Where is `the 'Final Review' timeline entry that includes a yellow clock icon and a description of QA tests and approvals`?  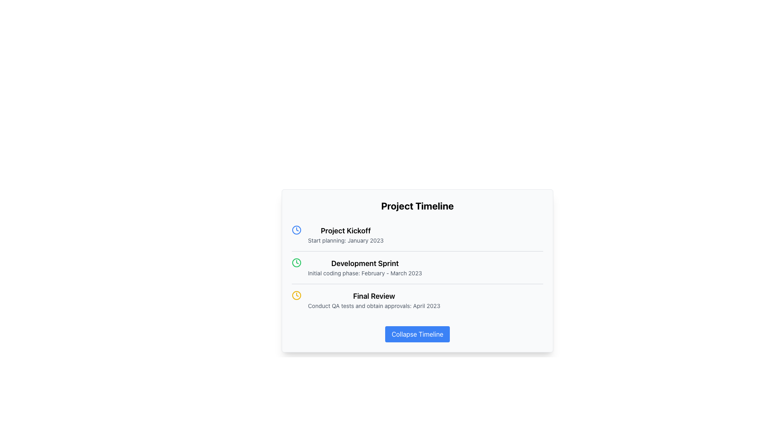 the 'Final Review' timeline entry that includes a yellow clock icon and a description of QA tests and approvals is located at coordinates (417, 300).